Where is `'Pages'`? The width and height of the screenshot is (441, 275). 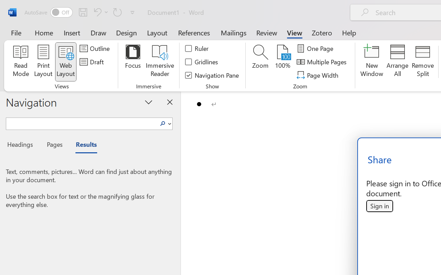
'Pages' is located at coordinates (53, 145).